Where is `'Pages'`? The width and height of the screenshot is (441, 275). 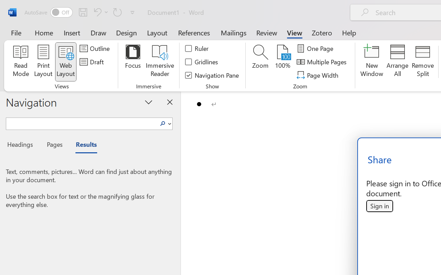
'Pages' is located at coordinates (53, 145).